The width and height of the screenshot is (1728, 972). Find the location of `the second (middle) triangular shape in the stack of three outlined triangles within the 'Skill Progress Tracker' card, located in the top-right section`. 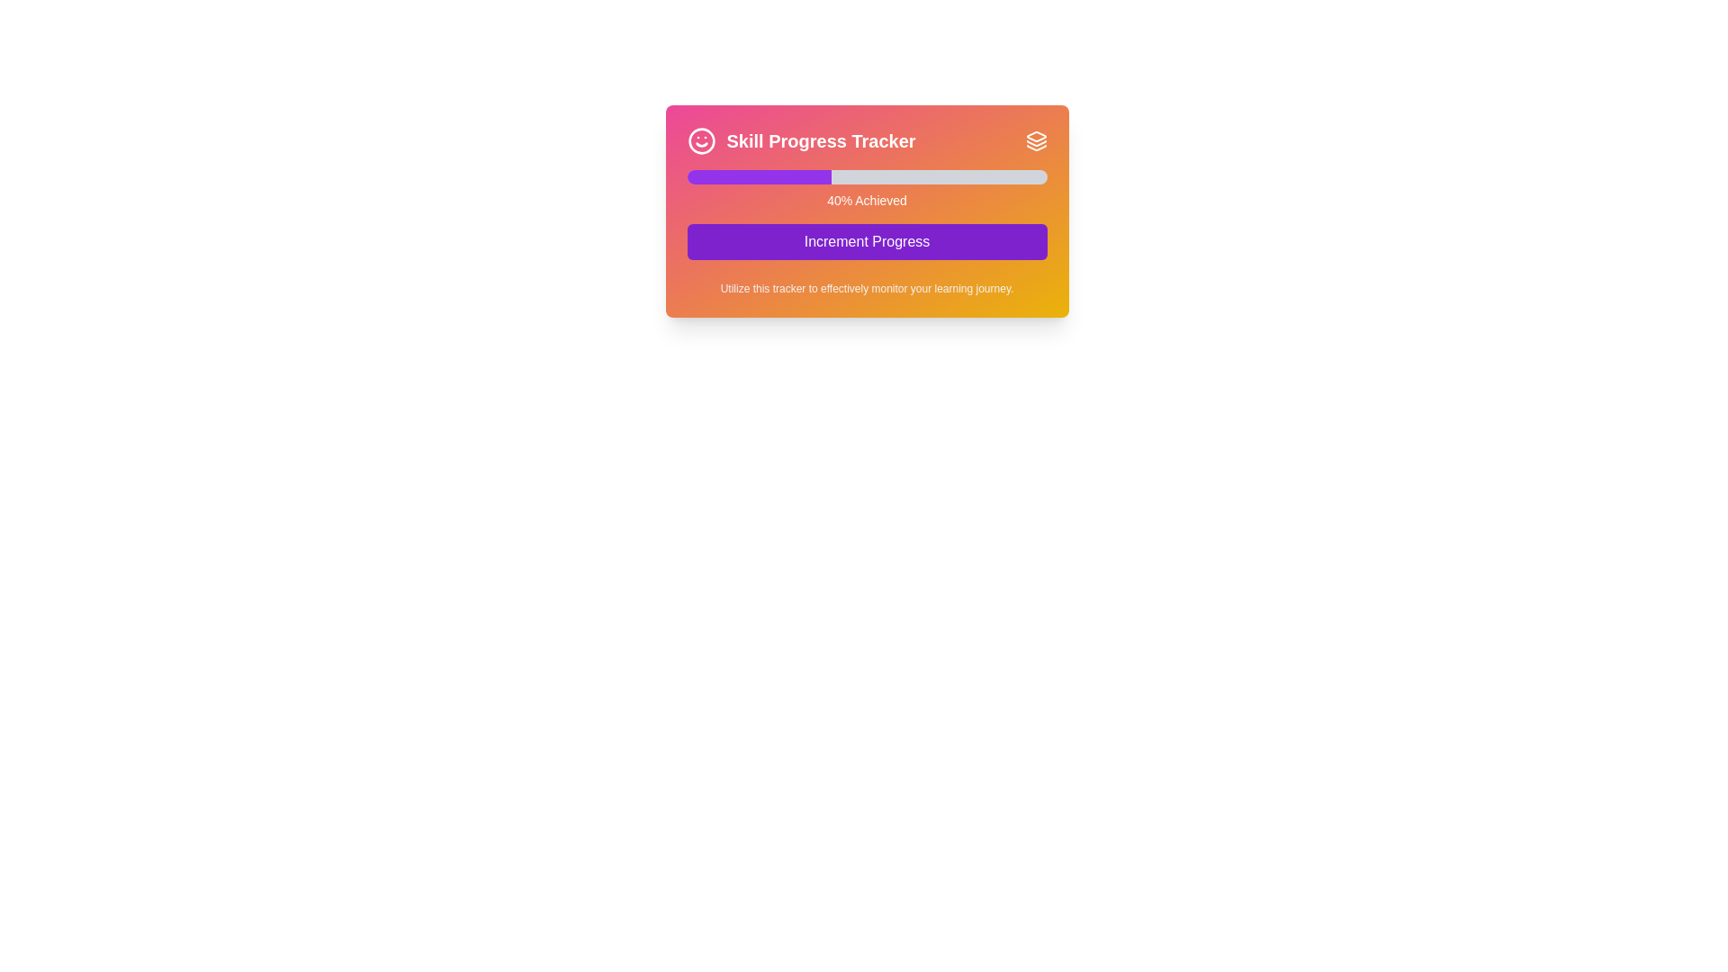

the second (middle) triangular shape in the stack of three outlined triangles within the 'Skill Progress Tracker' card, located in the top-right section is located at coordinates (1036, 142).